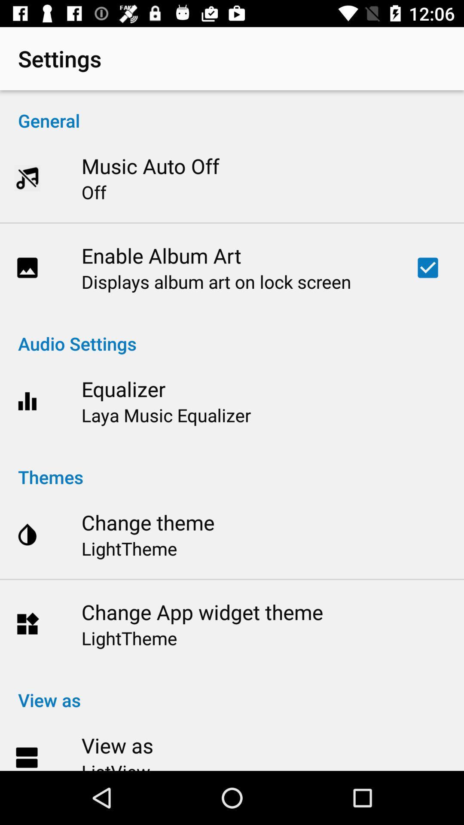 The width and height of the screenshot is (464, 825). What do you see at coordinates (427, 267) in the screenshot?
I see `the item to the right of the displays album art icon` at bounding box center [427, 267].